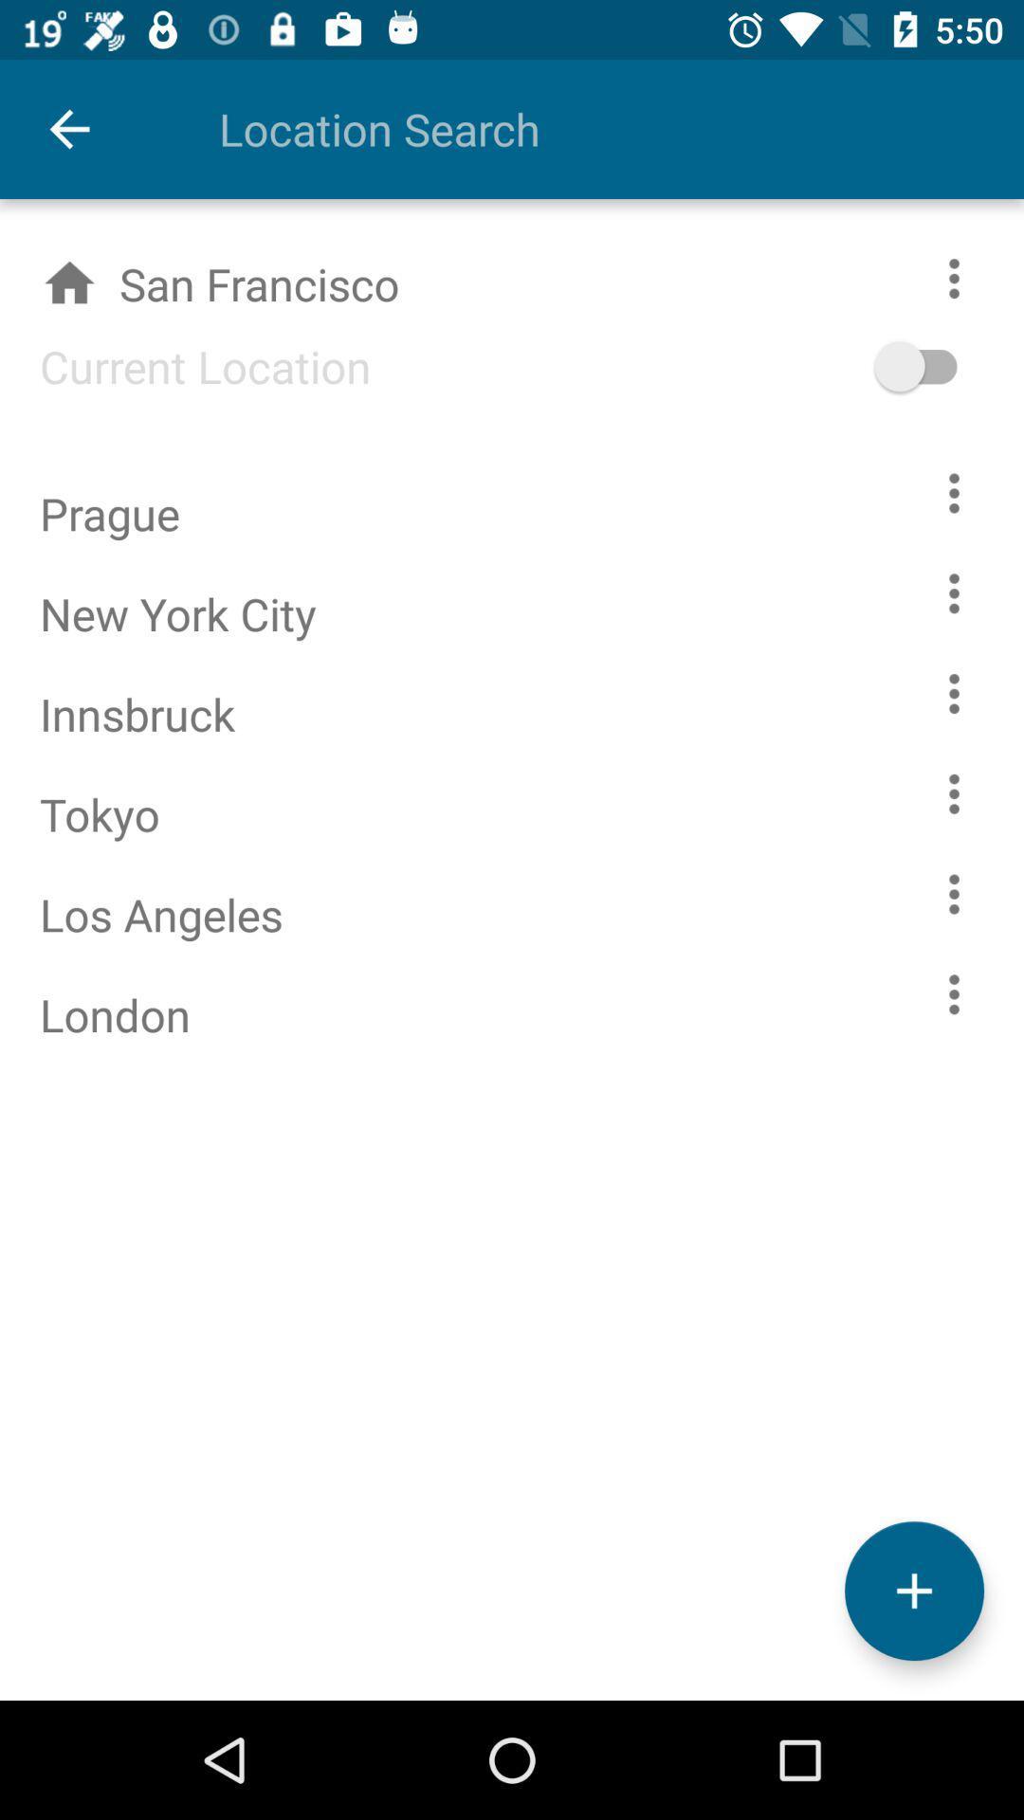  What do you see at coordinates (954, 493) in the screenshot?
I see `next option` at bounding box center [954, 493].